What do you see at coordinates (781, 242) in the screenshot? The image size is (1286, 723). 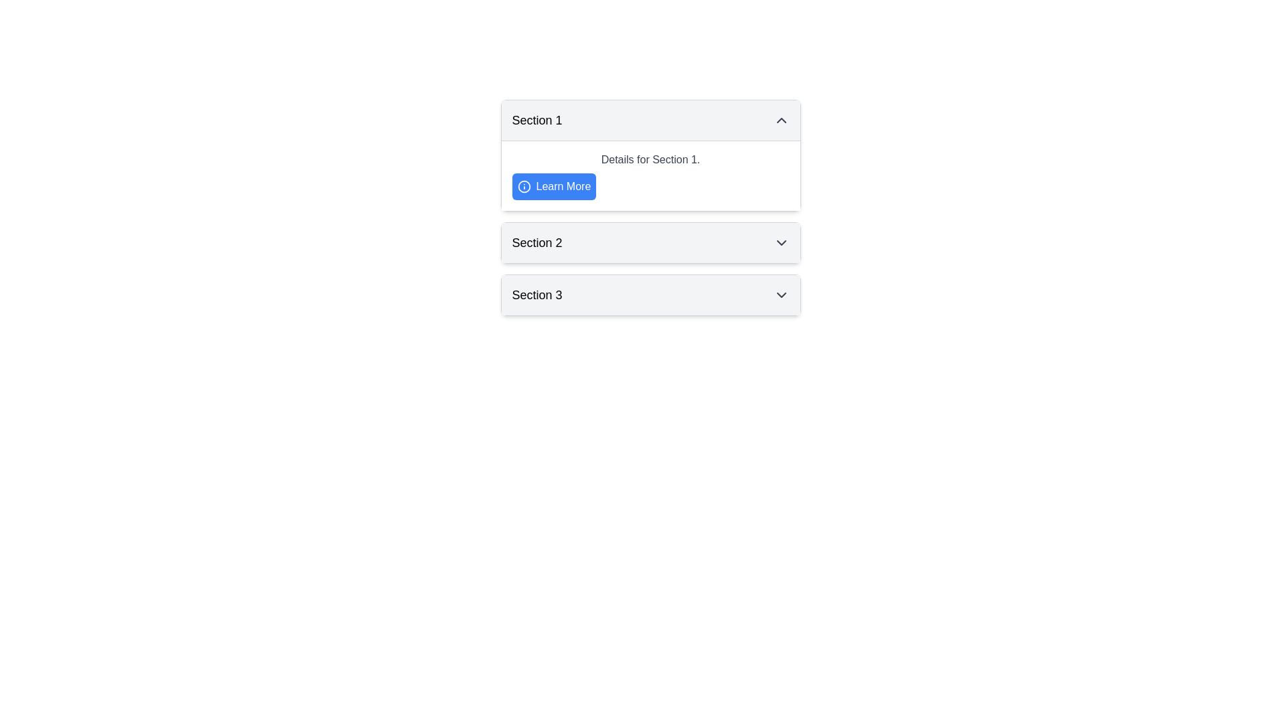 I see `the Chevron Down icon located at the far right of the 'Section 2' header to potentially reveal tooltip information` at bounding box center [781, 242].